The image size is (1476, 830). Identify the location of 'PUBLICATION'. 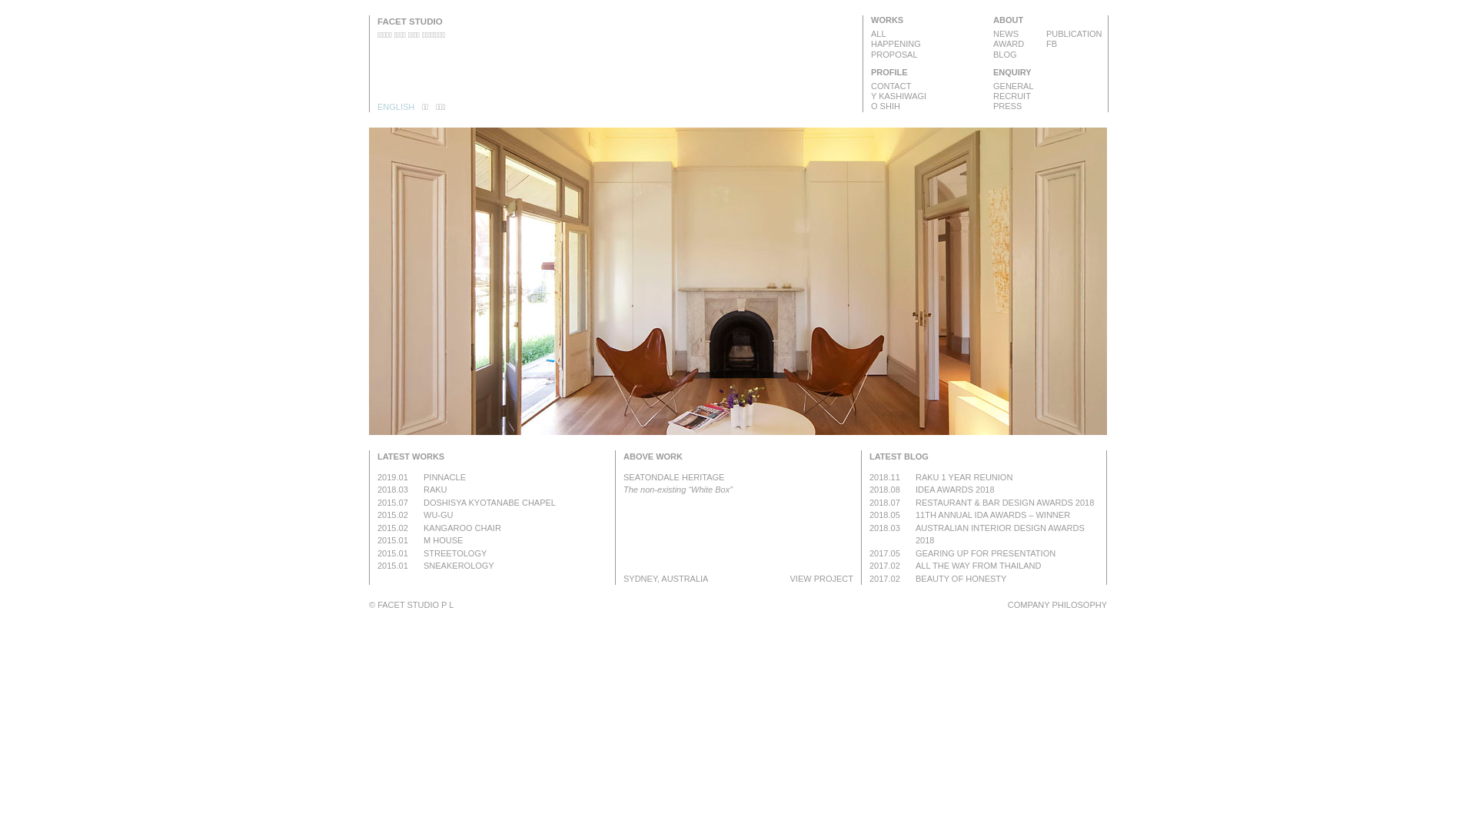
(1045, 34).